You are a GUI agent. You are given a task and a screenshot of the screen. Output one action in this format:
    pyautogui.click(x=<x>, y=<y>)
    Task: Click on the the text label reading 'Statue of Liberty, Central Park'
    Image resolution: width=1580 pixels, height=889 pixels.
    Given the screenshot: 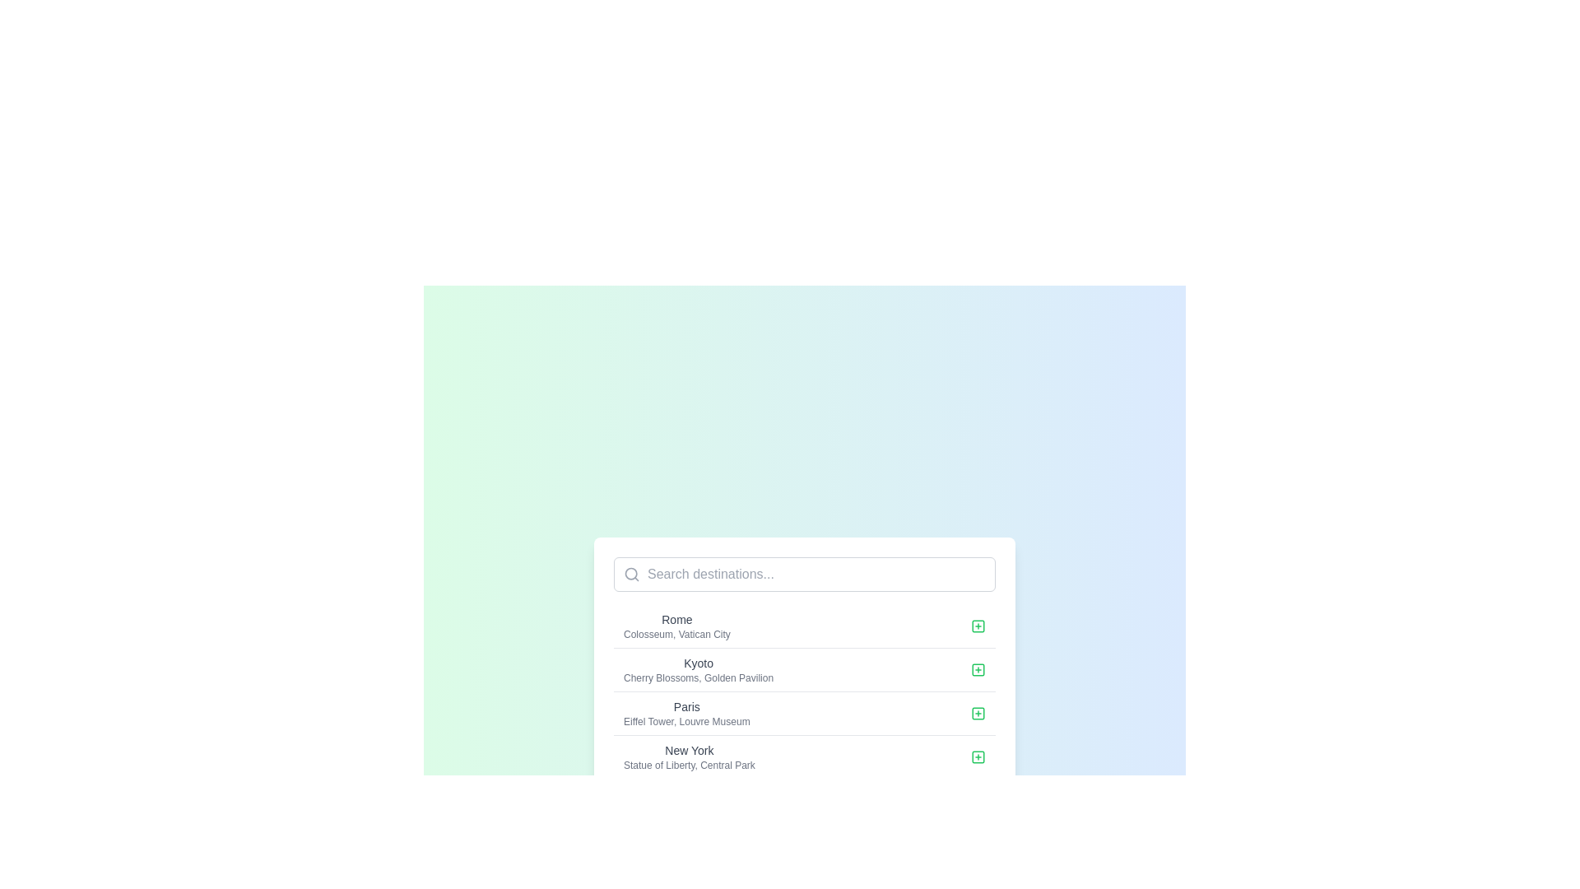 What is the action you would take?
    pyautogui.click(x=689, y=765)
    